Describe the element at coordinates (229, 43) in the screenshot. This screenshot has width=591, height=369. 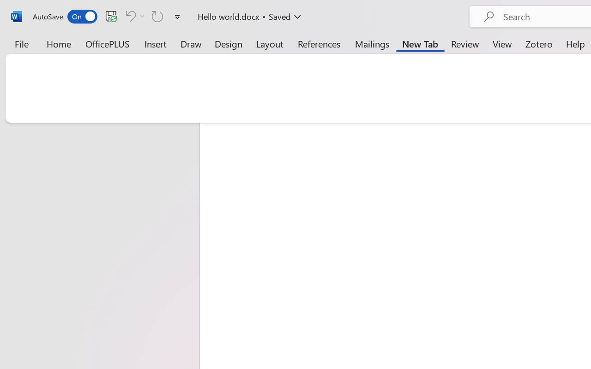
I see `'Design'` at that location.